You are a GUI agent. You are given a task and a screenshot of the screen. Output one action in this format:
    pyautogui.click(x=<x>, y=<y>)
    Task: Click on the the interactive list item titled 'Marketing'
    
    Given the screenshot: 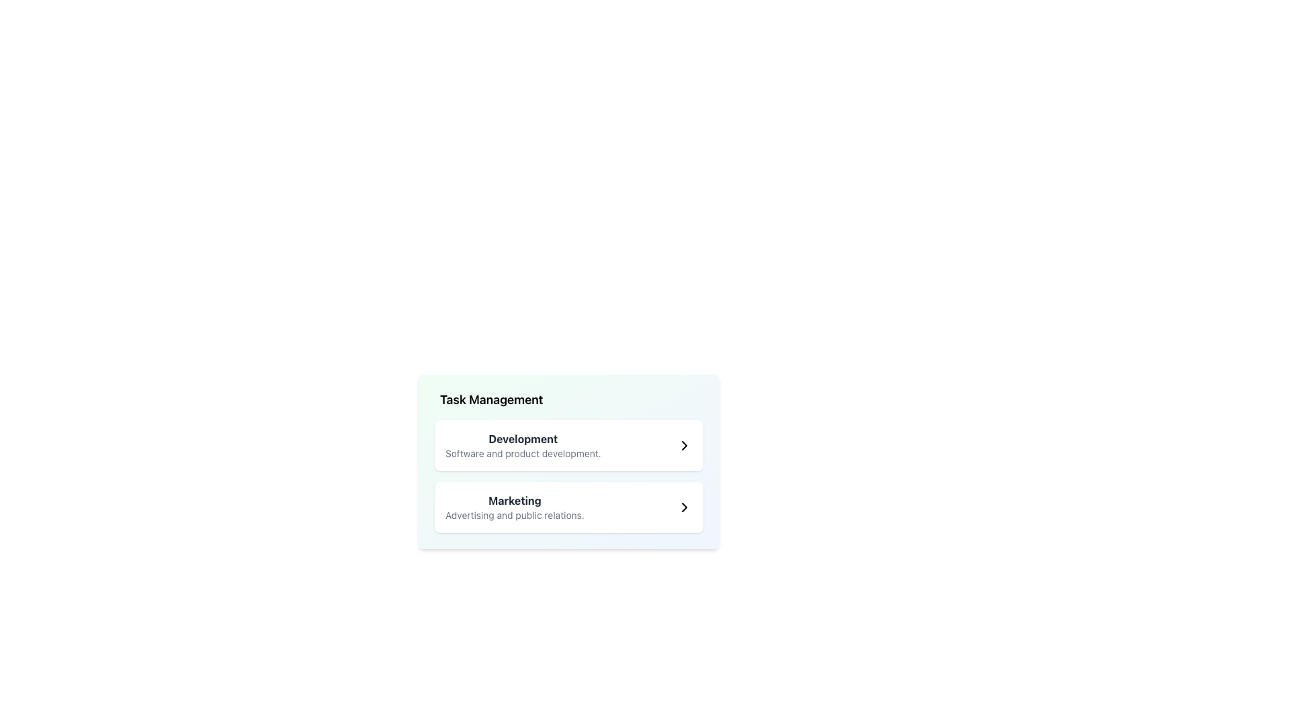 What is the action you would take?
    pyautogui.click(x=568, y=507)
    